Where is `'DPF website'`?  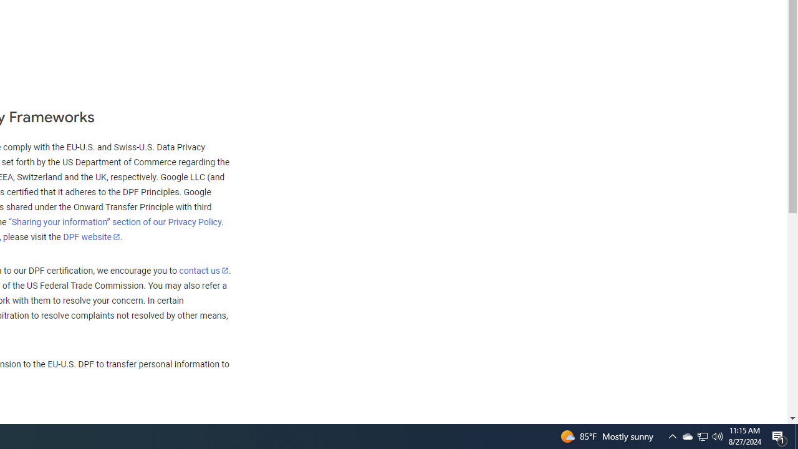 'DPF website' is located at coordinates (91, 236).